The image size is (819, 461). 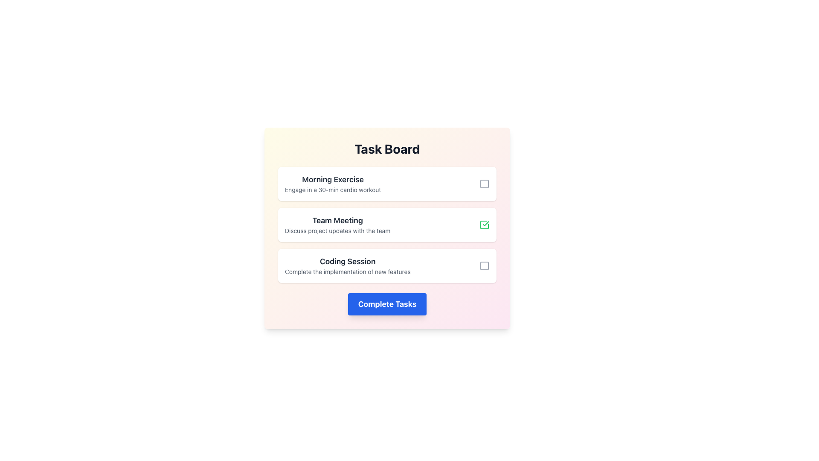 What do you see at coordinates (485, 266) in the screenshot?
I see `the square-shaped outlined button on the right side of the 'Coding Session' panel` at bounding box center [485, 266].